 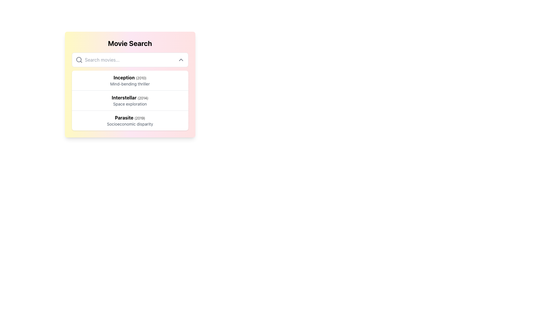 What do you see at coordinates (130, 77) in the screenshot?
I see `the static text label displaying the movie title 'Inception' and the release year '(2010)' which is located at the top of the list of movie titles` at bounding box center [130, 77].